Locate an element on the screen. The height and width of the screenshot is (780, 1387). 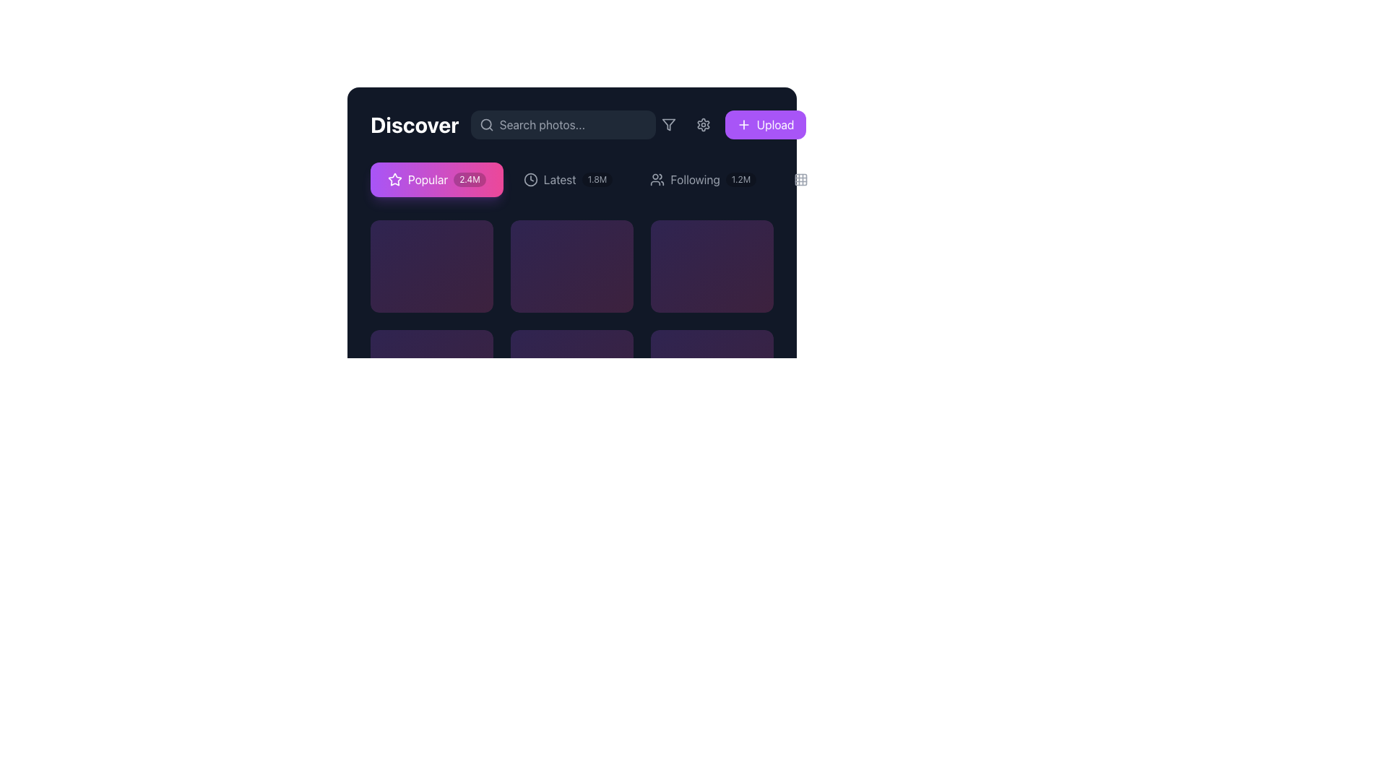
the bookmark button located at the bottom-right of the card is located at coordinates (748, 348).